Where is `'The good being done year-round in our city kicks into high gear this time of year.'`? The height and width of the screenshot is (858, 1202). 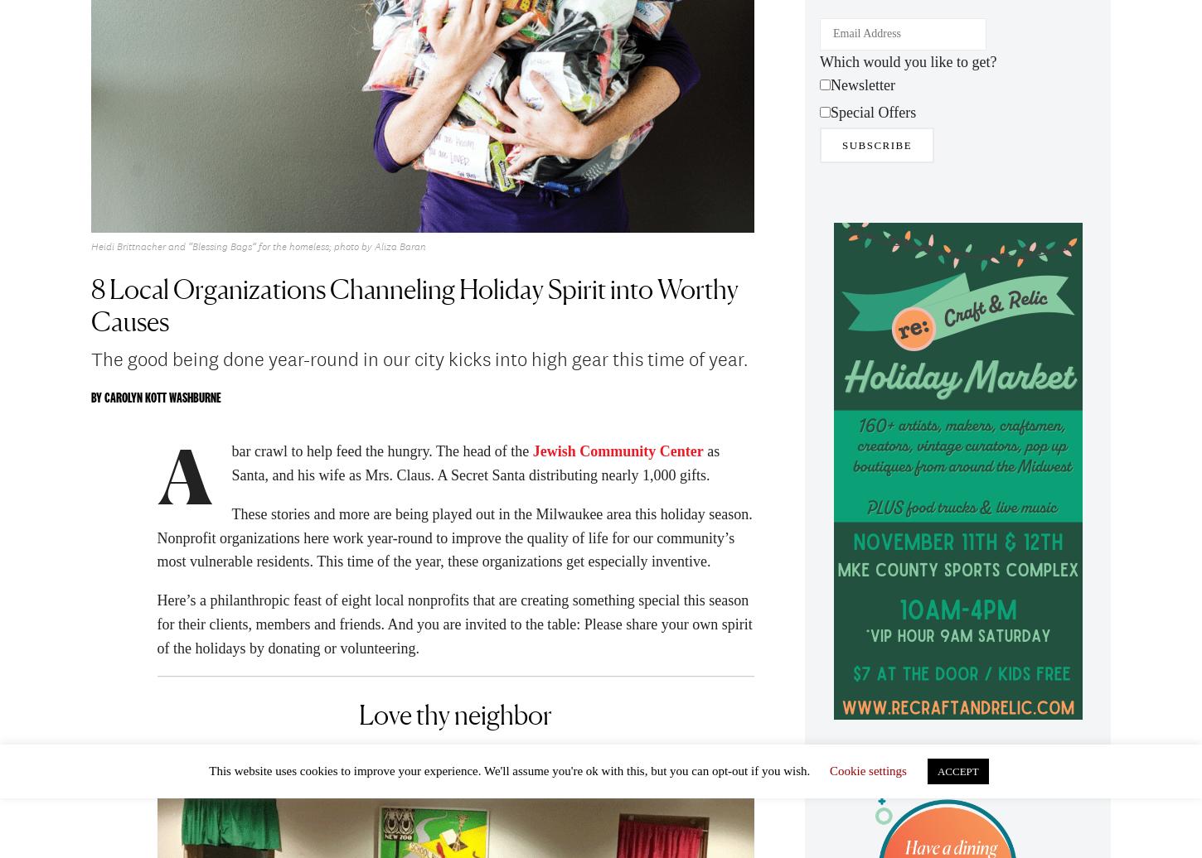 'The good being done year-round in our city kicks into high gear this time of year.' is located at coordinates (419, 364).